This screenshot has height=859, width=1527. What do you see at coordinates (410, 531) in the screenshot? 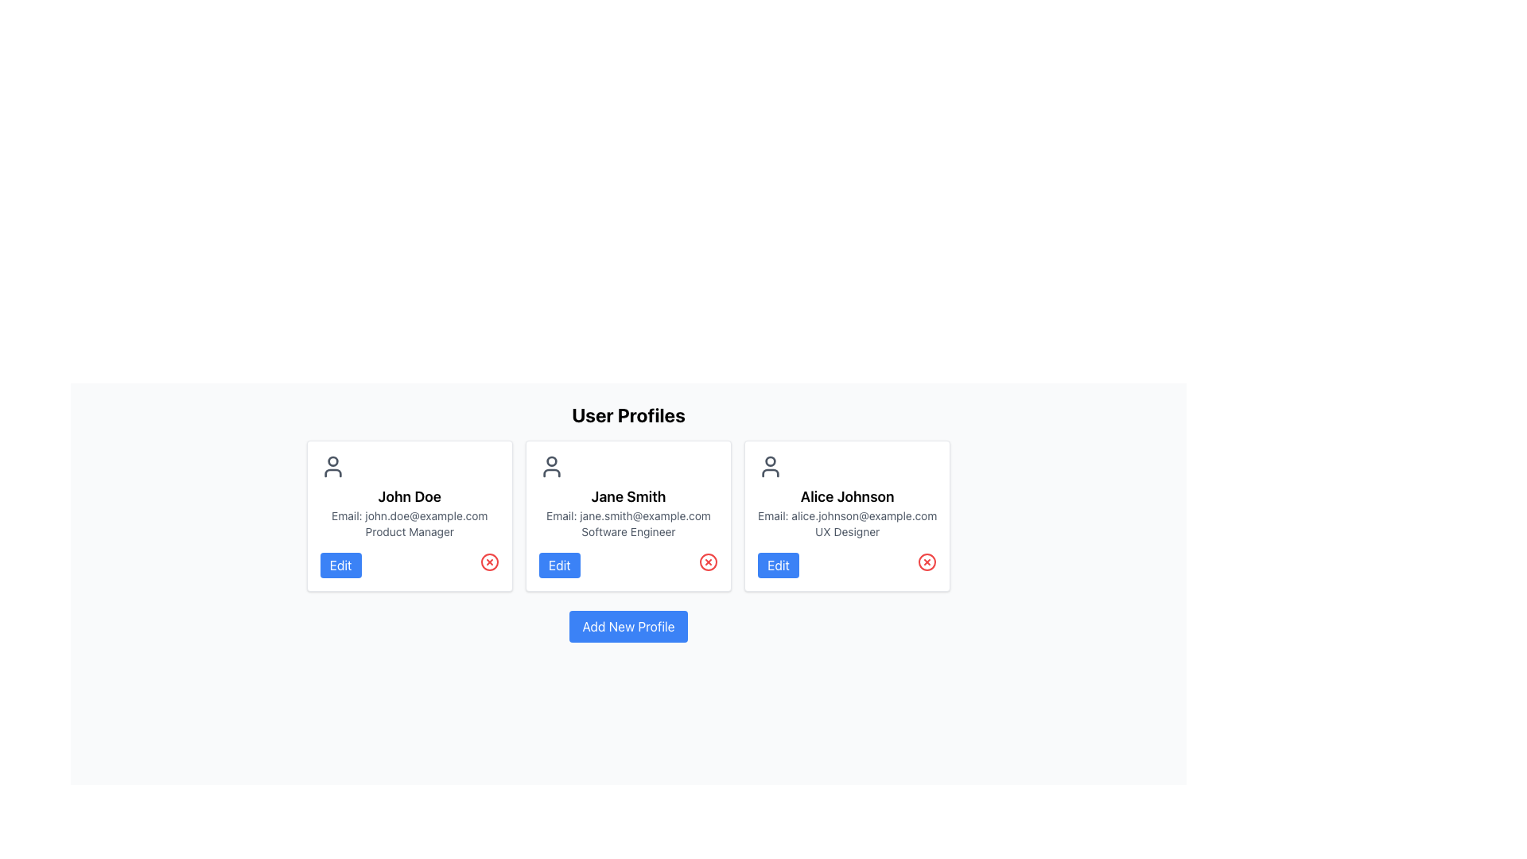
I see `the text label displaying 'Product Manager' located within the user profile card for John Doe, which is the third text row in the card` at bounding box center [410, 531].